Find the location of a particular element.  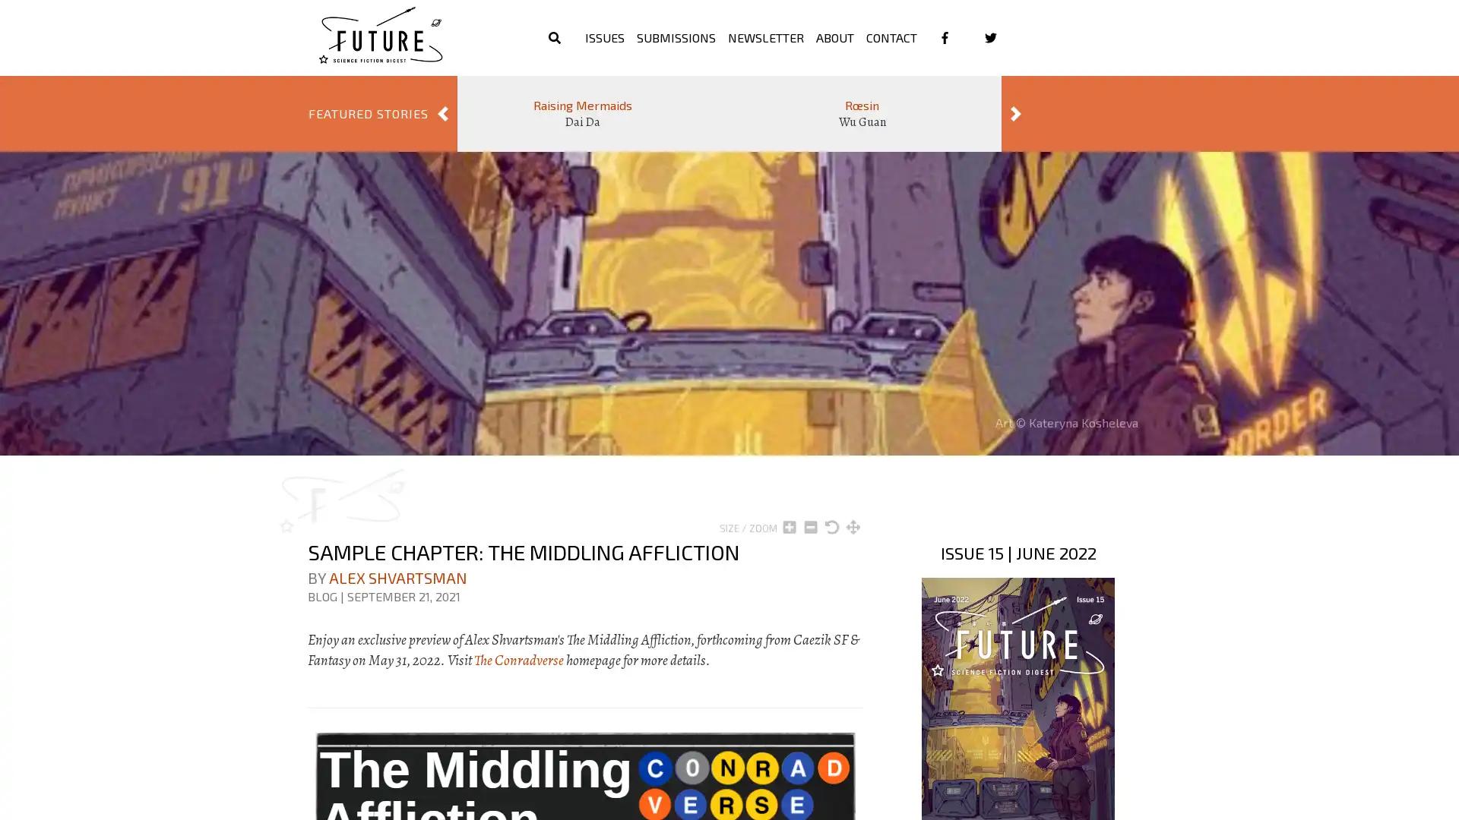

Previous is located at coordinates (441, 113).